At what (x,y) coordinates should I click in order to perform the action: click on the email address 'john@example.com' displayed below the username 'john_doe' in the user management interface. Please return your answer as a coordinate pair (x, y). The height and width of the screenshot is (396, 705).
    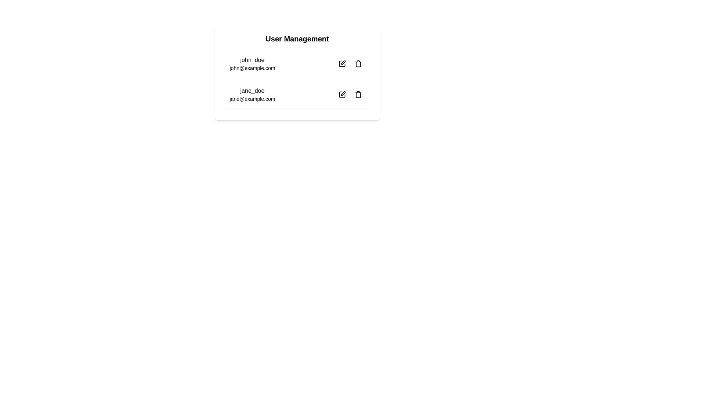
    Looking at the image, I should click on (252, 68).